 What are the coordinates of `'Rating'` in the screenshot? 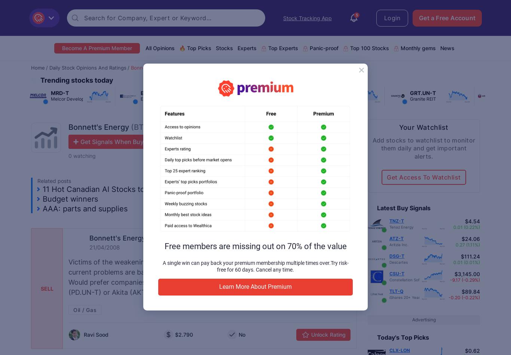 It's located at (337, 334).